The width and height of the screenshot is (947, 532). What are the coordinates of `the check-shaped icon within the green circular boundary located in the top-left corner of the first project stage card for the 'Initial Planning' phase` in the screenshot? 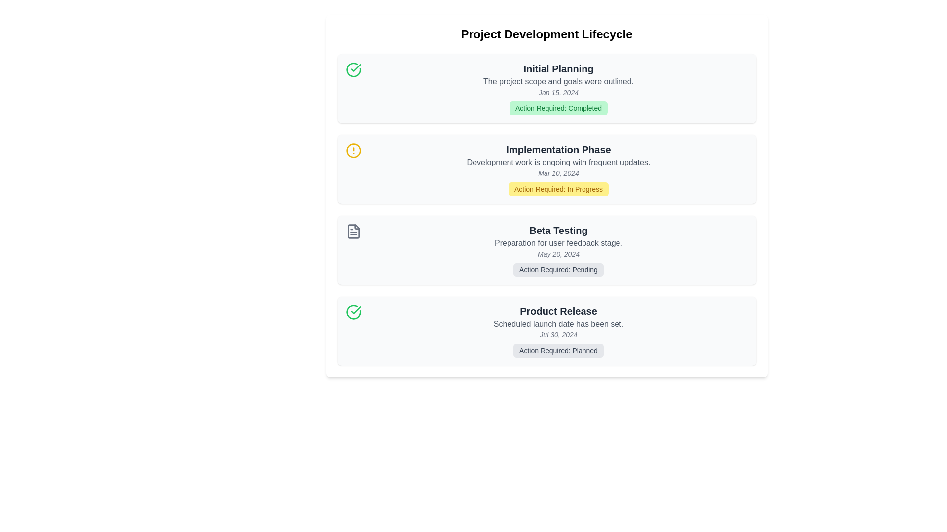 It's located at (355, 67).